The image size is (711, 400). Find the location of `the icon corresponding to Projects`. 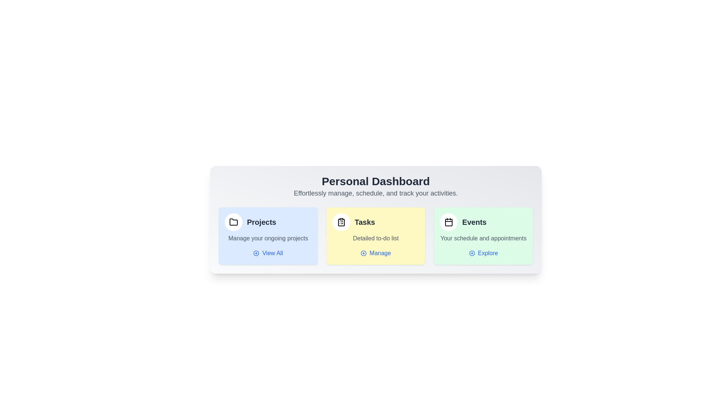

the icon corresponding to Projects is located at coordinates (233, 222).